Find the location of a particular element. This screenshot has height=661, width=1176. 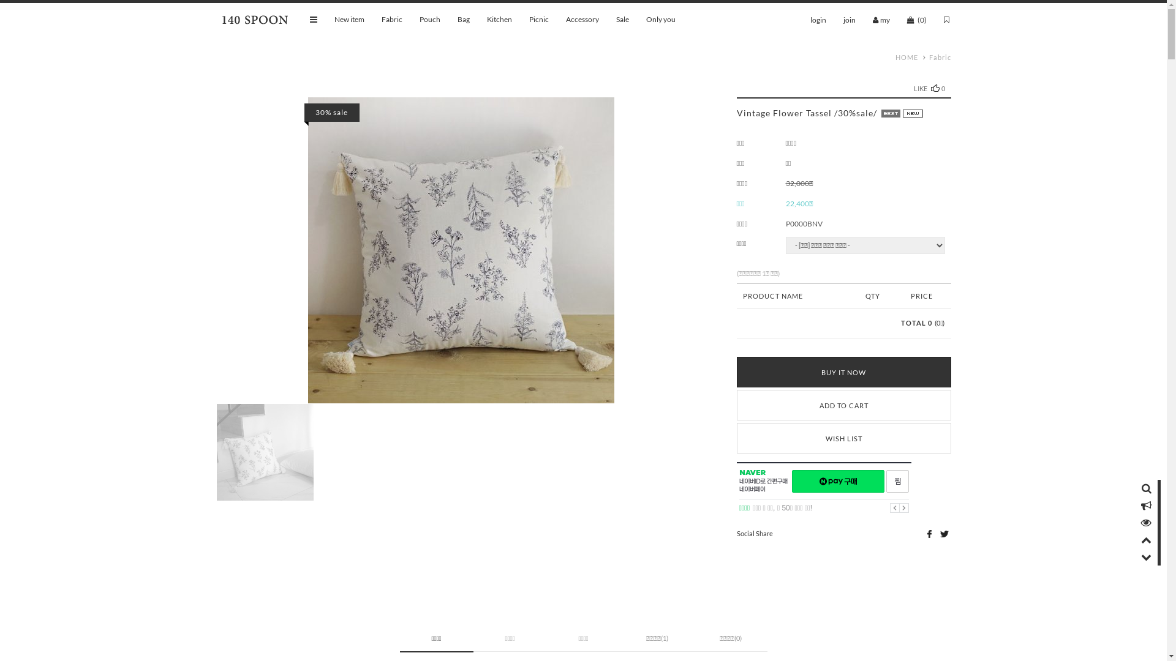

'HOME' is located at coordinates (907, 57).